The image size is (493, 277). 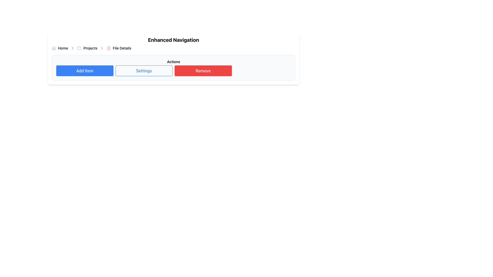 I want to click on the second arrow separator in the breadcrumb navigation, which visually indicates the hierarchy between 'Home' and 'Projects', so click(x=72, y=48).